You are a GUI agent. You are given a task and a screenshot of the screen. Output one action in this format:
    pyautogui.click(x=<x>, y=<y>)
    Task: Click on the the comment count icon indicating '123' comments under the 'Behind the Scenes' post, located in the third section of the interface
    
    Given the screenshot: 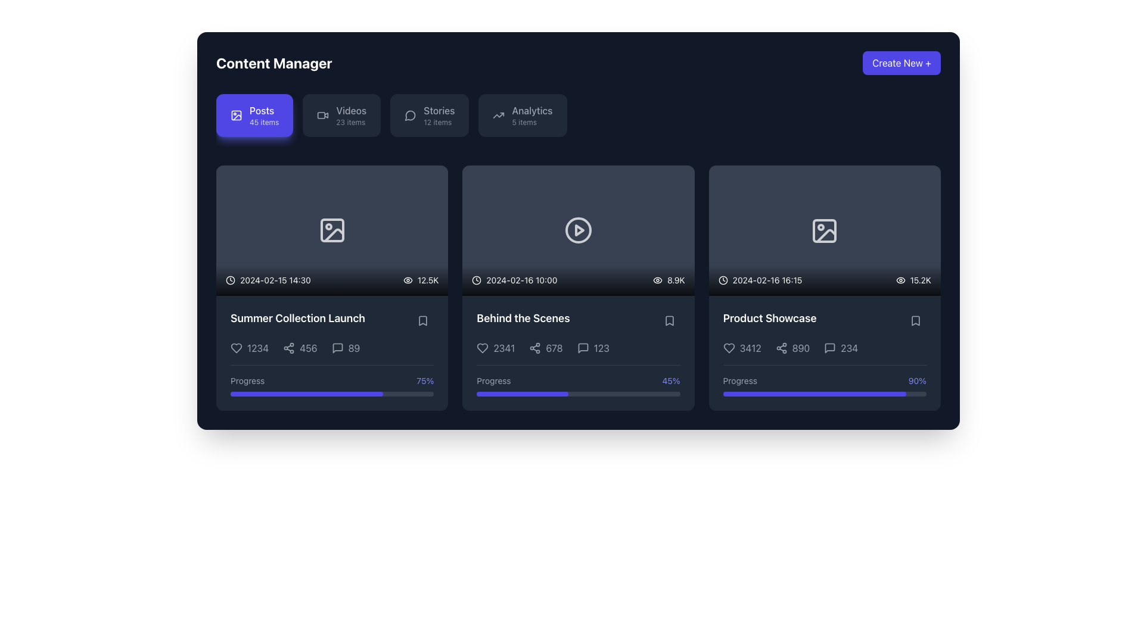 What is the action you would take?
    pyautogui.click(x=583, y=348)
    